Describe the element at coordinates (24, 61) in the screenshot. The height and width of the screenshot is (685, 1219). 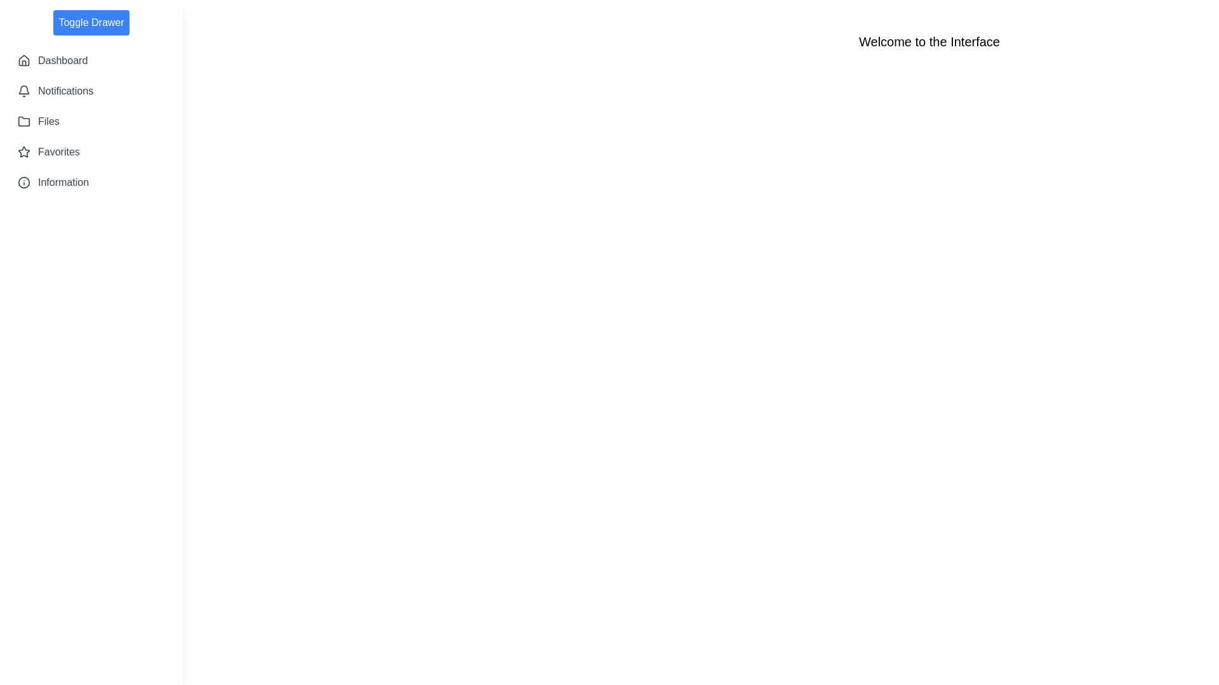
I see `the icon corresponding to the Dashboard in the sidebar` at that location.